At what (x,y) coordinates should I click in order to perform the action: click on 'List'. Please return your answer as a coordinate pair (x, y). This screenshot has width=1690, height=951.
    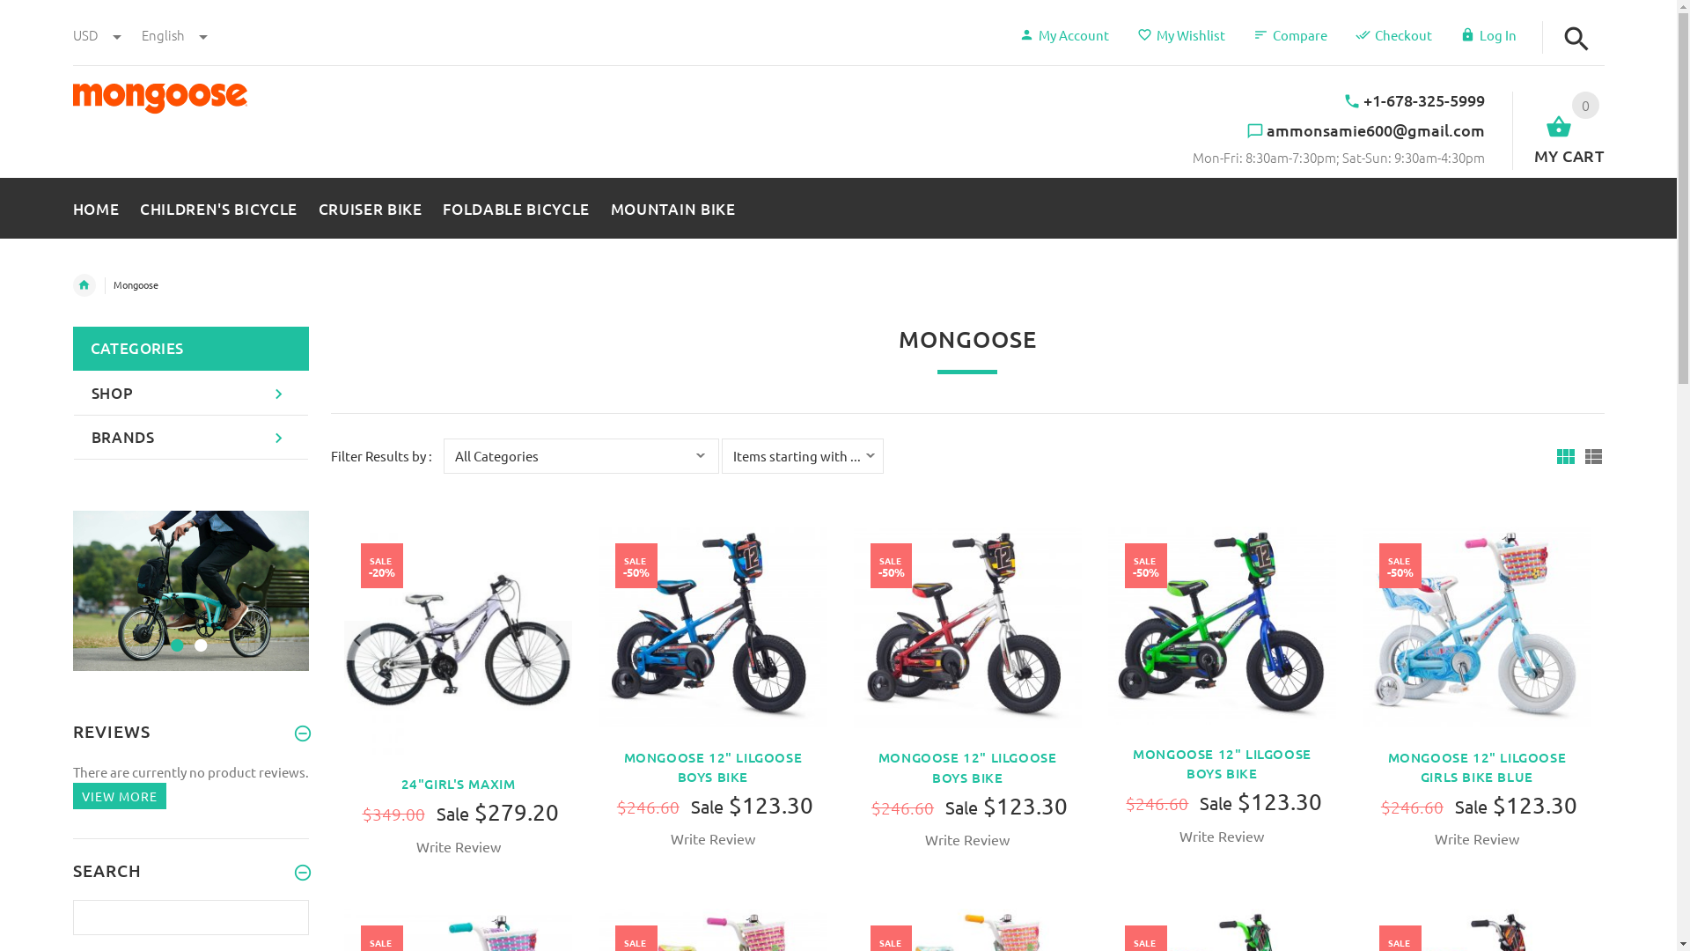
    Looking at the image, I should click on (1592, 455).